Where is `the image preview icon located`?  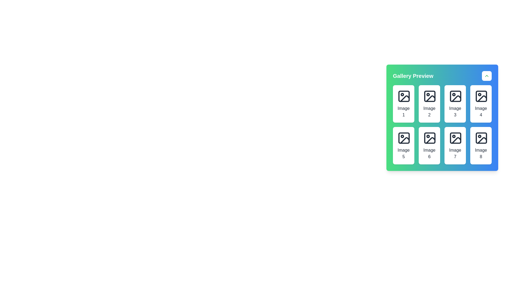 the image preview icon located is located at coordinates (456, 138).